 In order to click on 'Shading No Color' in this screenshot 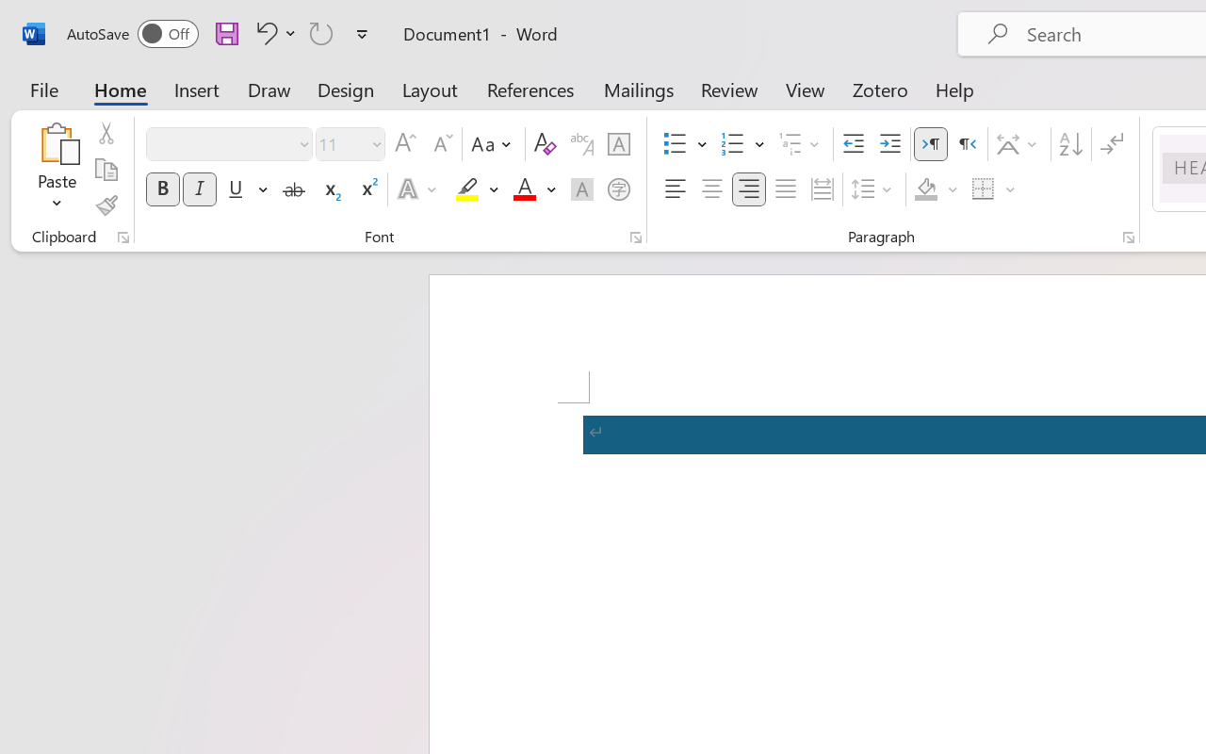, I will do `click(926, 189)`.